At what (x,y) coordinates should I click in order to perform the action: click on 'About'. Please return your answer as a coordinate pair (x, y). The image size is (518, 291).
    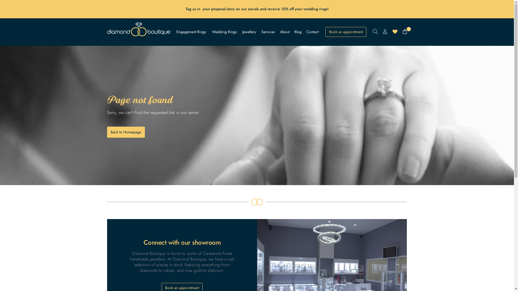
    Looking at the image, I should click on (284, 32).